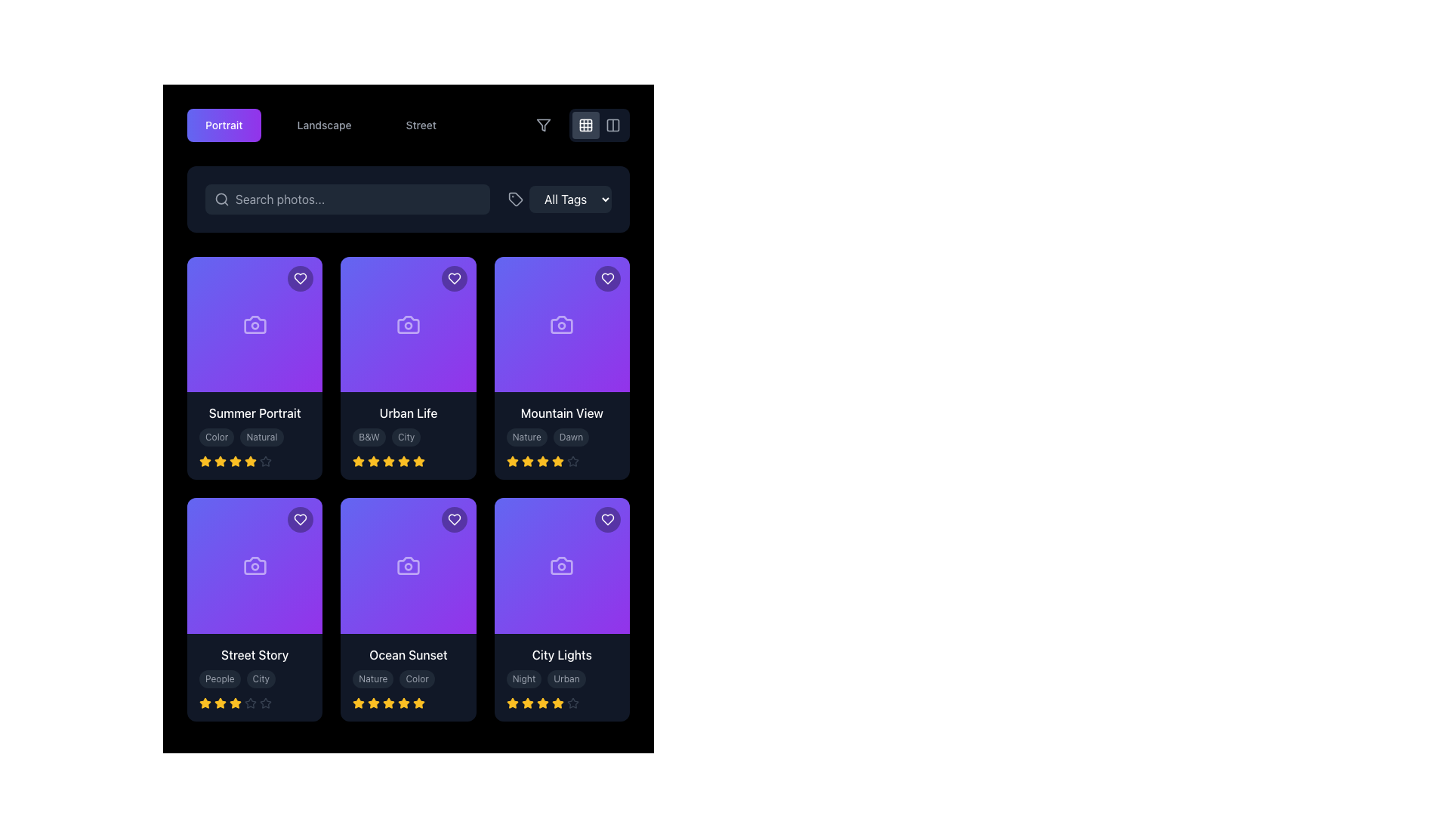 Image resolution: width=1450 pixels, height=816 pixels. Describe the element at coordinates (235, 460) in the screenshot. I see `the fourth star icon in the rating system of the 'Summer Portrait' card` at that location.